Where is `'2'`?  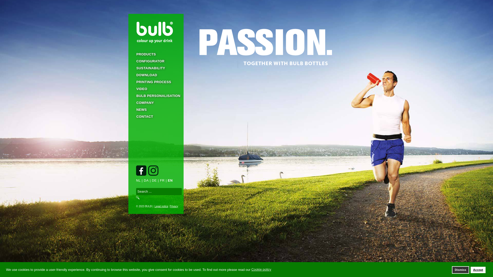
'2' is located at coordinates (246, 268).